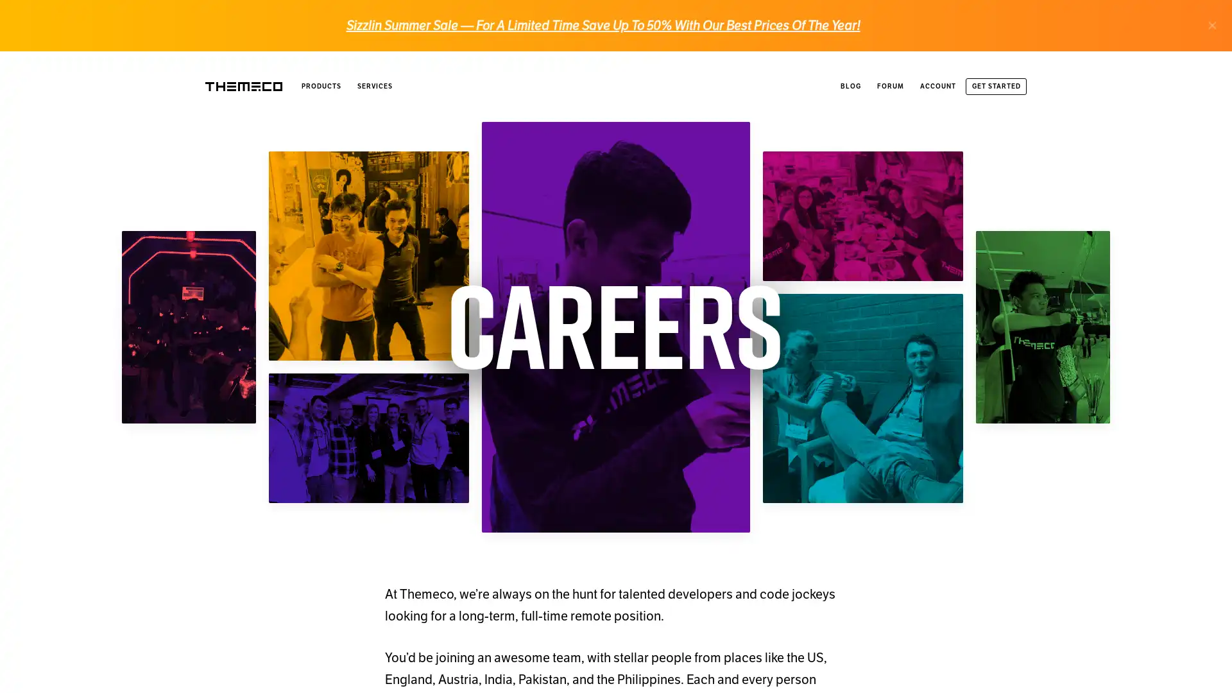 The image size is (1232, 693). Describe the element at coordinates (1212, 25) in the screenshot. I see `.` at that location.